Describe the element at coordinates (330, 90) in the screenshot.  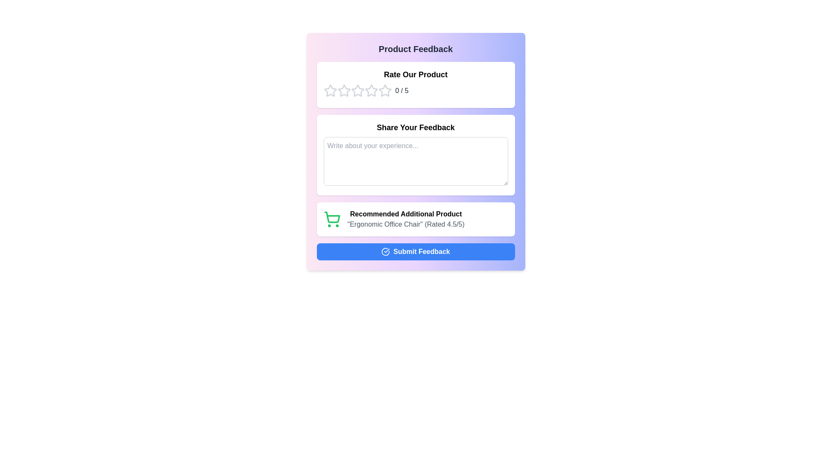
I see `the first unselected rating star icon` at that location.